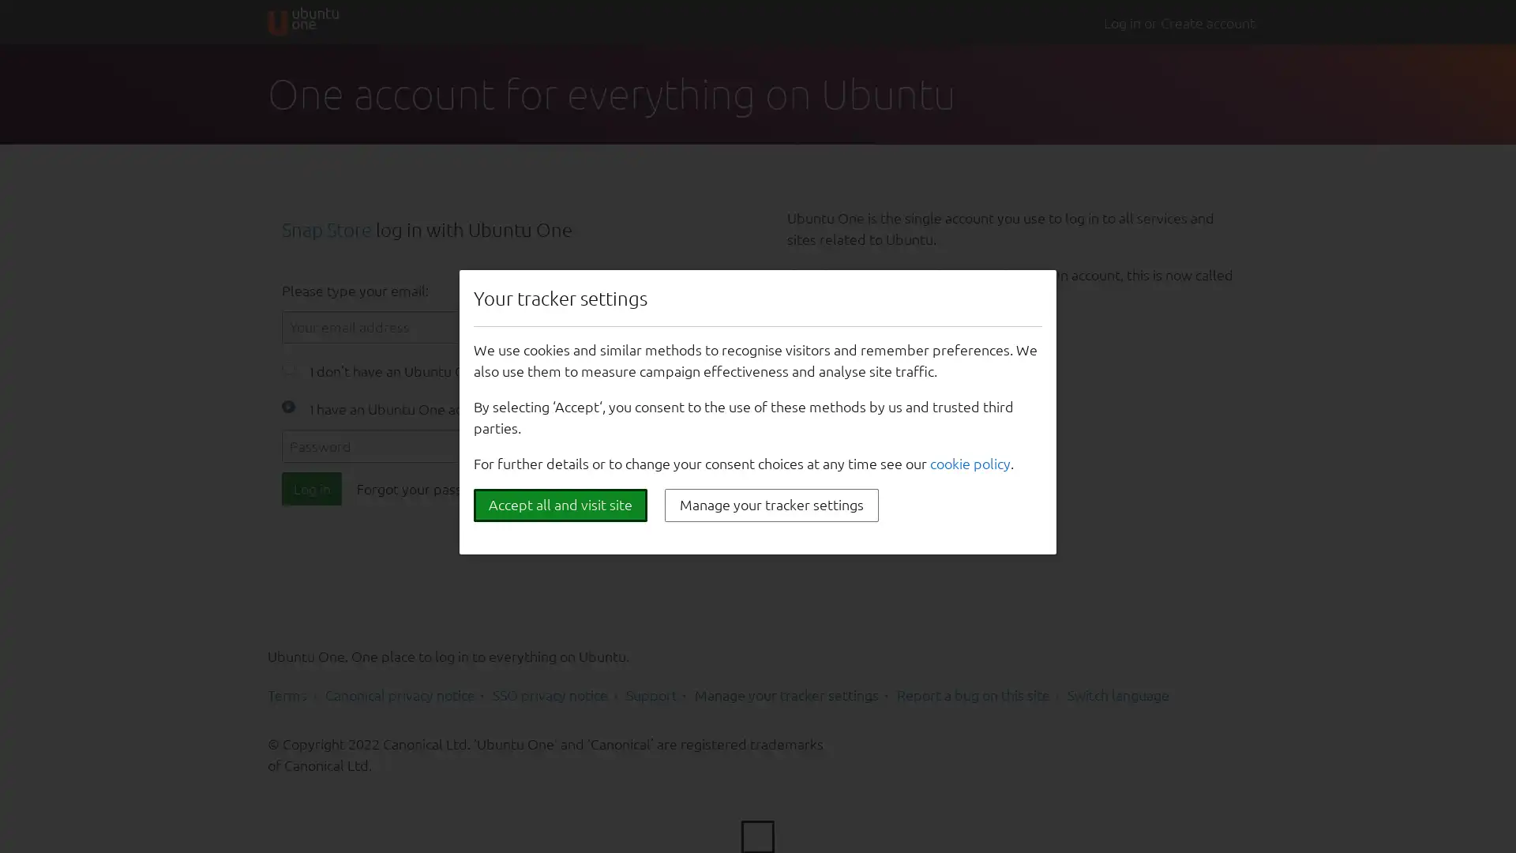  Describe the element at coordinates (428, 487) in the screenshot. I see `Forgot your password?` at that location.